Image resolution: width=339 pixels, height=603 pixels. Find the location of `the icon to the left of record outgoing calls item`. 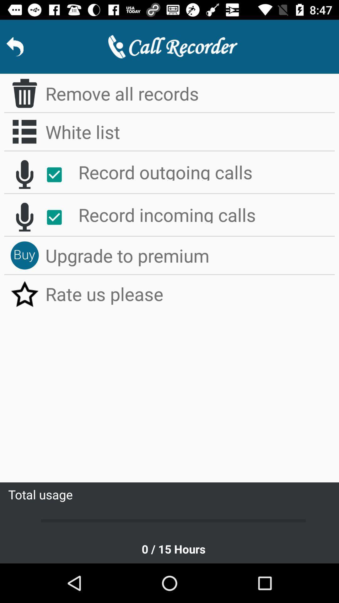

the icon to the left of record outgoing calls item is located at coordinates (57, 175).